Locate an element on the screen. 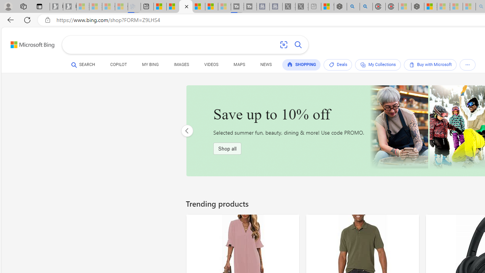 This screenshot has width=485, height=273. 'New tab - Sleeping' is located at coordinates (314, 6).